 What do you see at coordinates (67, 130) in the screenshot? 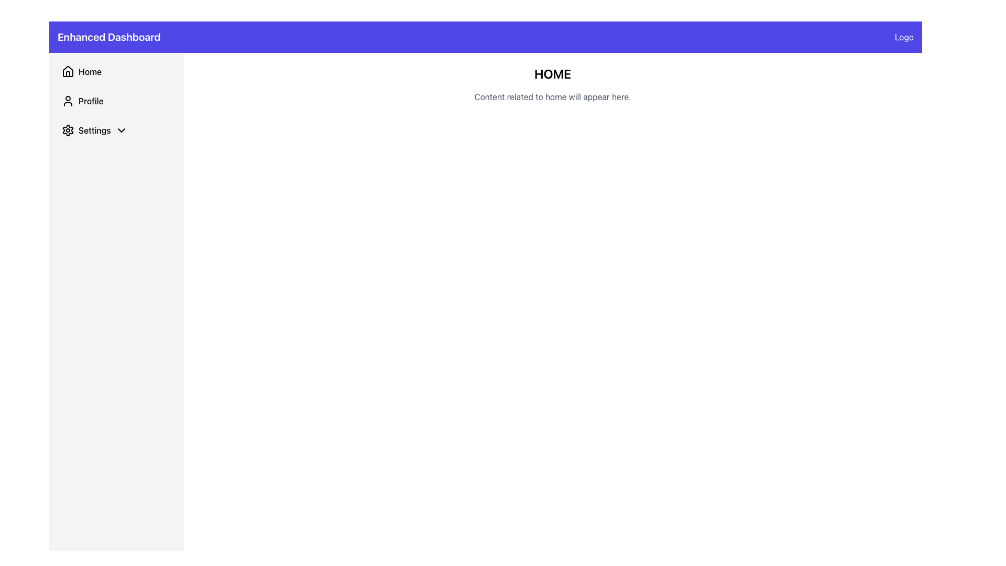
I see `the gear icon in the sidebar menu that represents the 'Settings' option, located below 'Profile'` at bounding box center [67, 130].